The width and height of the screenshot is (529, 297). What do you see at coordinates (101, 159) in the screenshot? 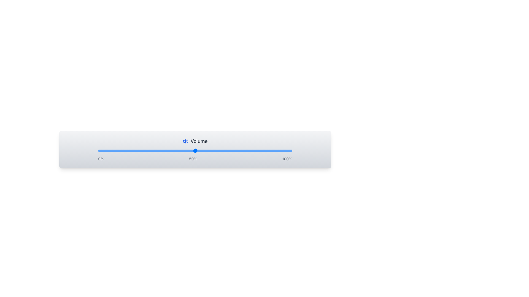
I see `the static text label displaying '0%' which is aligned to the left of a volume control slider` at bounding box center [101, 159].